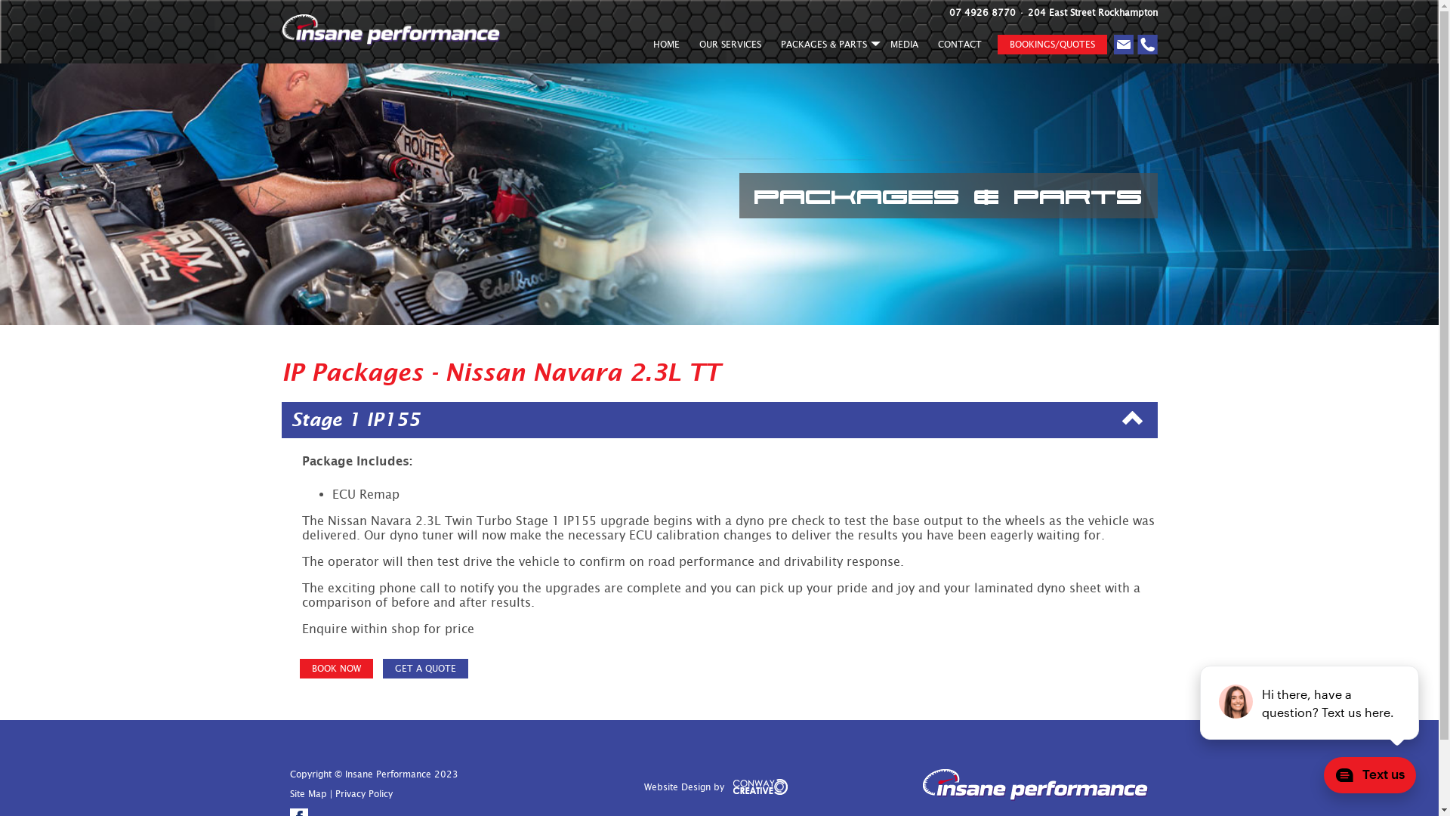 This screenshot has height=816, width=1450. What do you see at coordinates (1050, 43) in the screenshot?
I see `'BOOKINGS/QUOTES'` at bounding box center [1050, 43].